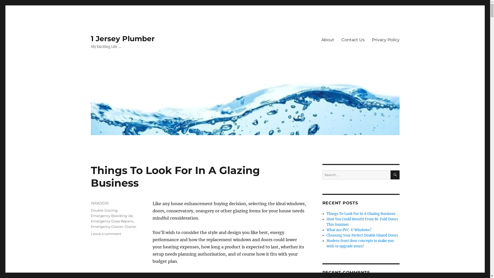  What do you see at coordinates (122, 38) in the screenshot?
I see `'1 Jersey Plumber'` at bounding box center [122, 38].